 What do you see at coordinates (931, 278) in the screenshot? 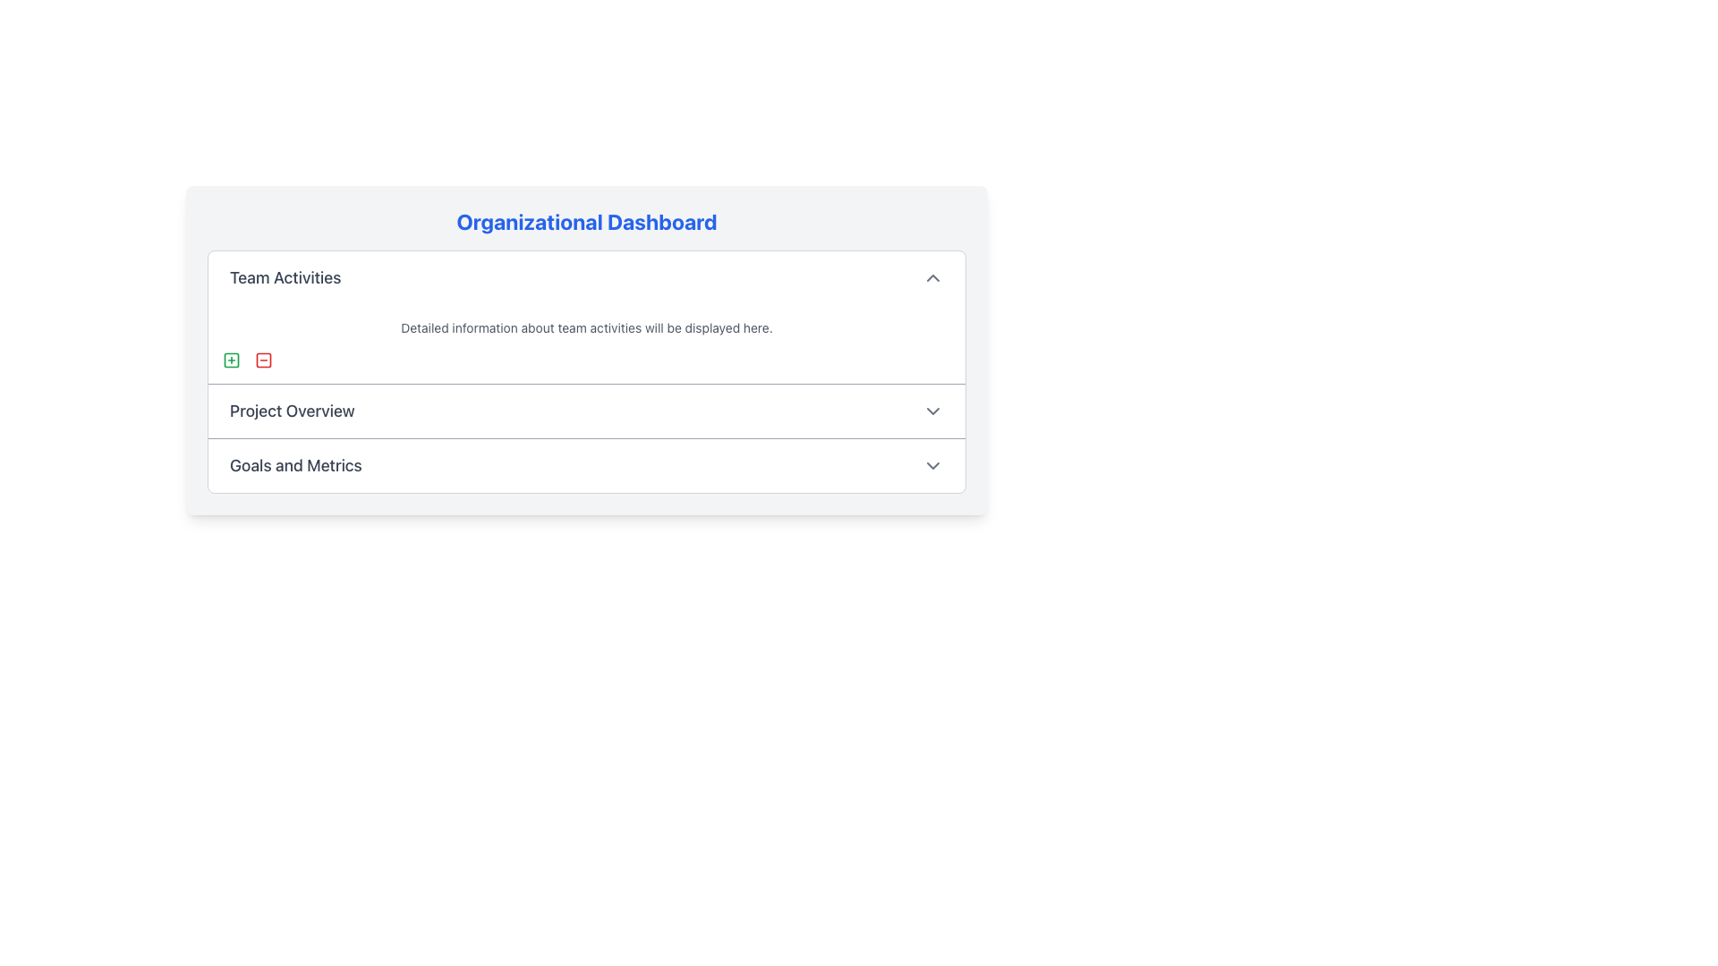
I see `the toggle icon button located to the far right of the 'Team Activities' header` at bounding box center [931, 278].